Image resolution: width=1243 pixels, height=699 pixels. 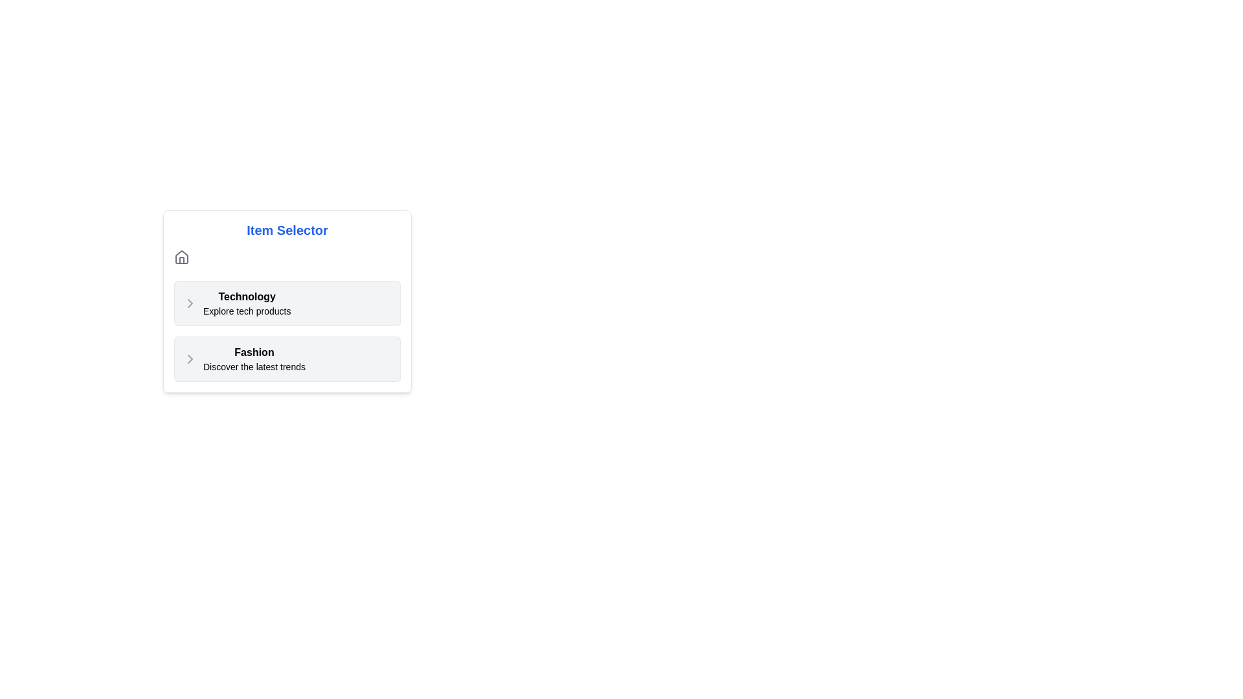 I want to click on the Text Label located in the 'Fashion' section, which provides a brief description of the category, so click(x=254, y=367).